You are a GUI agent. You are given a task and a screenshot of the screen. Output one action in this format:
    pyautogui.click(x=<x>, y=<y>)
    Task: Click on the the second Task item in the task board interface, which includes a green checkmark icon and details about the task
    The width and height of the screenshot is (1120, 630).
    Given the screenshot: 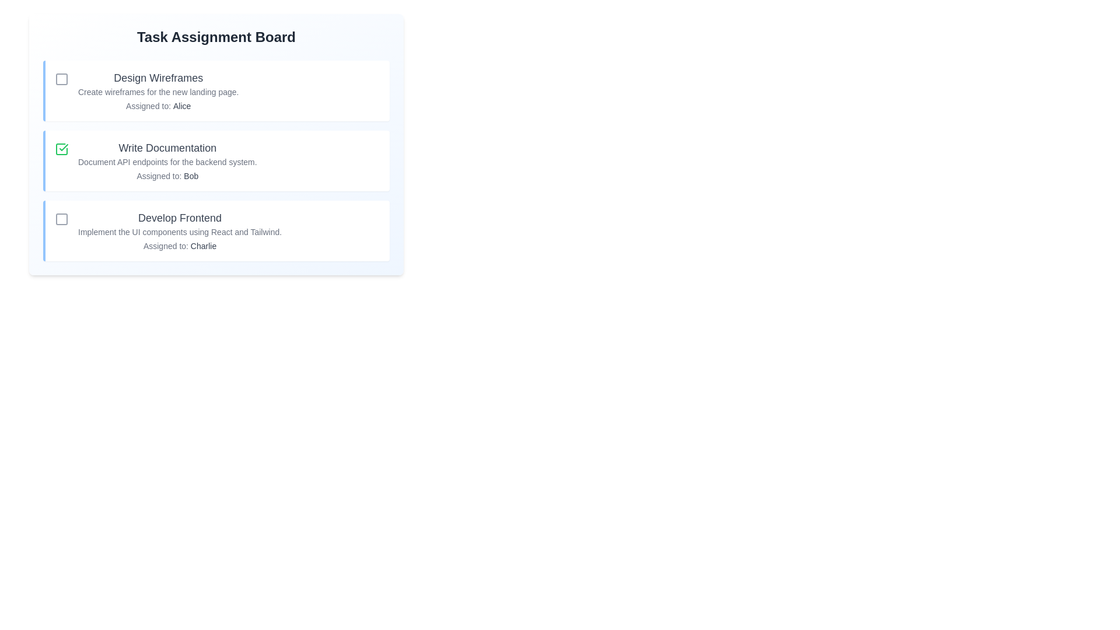 What is the action you would take?
    pyautogui.click(x=218, y=161)
    